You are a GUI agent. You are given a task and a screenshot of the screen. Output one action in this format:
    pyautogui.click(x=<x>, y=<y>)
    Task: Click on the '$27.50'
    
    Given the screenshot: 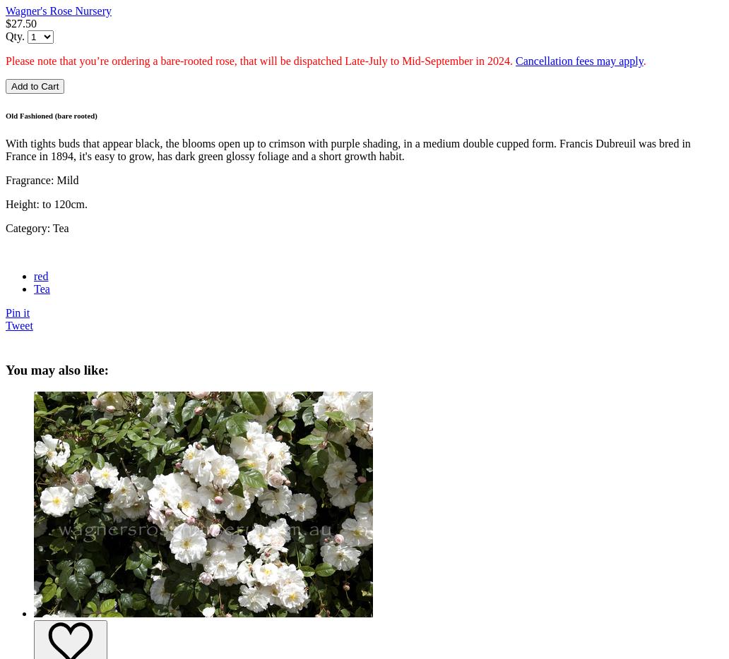 What is the action you would take?
    pyautogui.click(x=21, y=22)
    